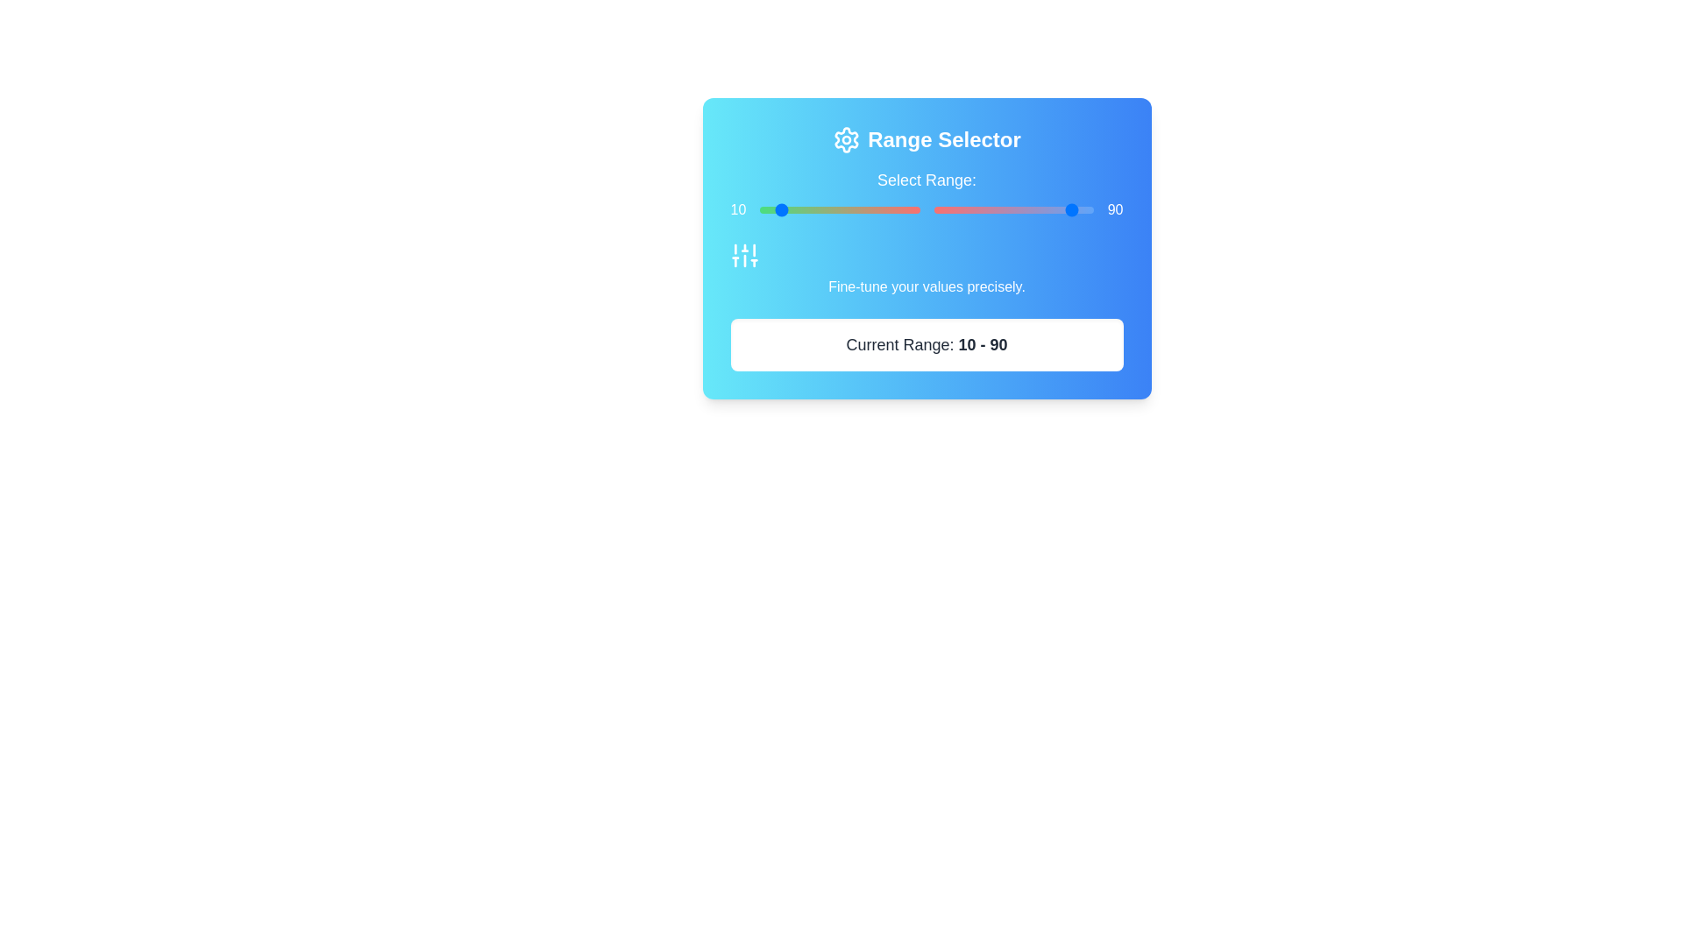 The width and height of the screenshot is (1683, 946). What do you see at coordinates (788, 208) in the screenshot?
I see `the left range slider to set the starting value to 18` at bounding box center [788, 208].